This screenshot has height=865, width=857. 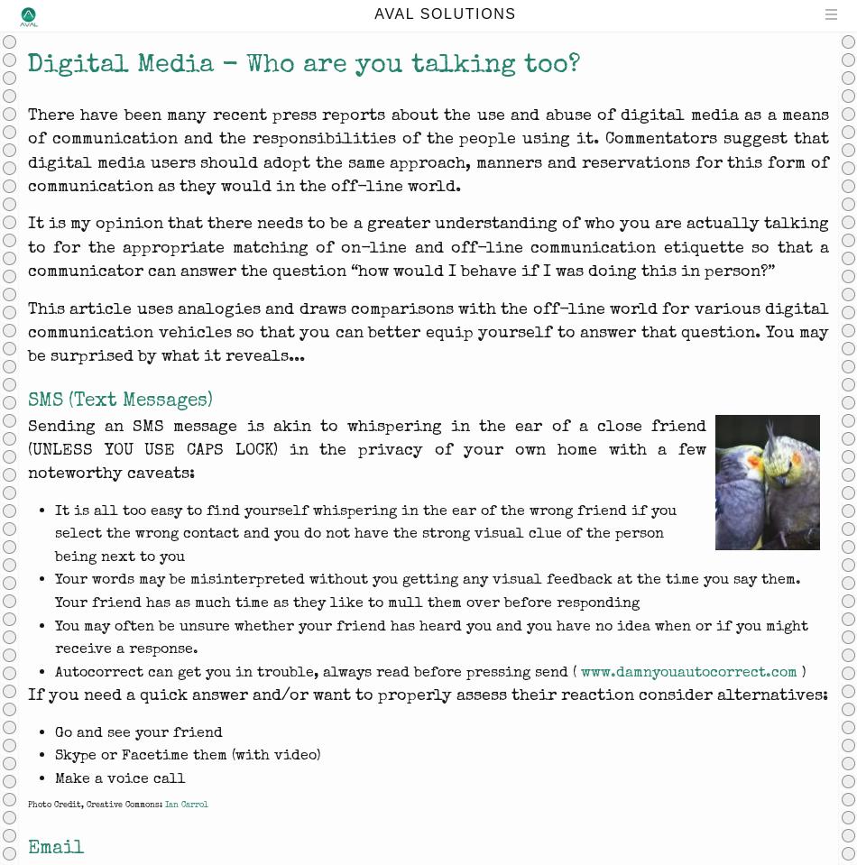 What do you see at coordinates (445, 13) in the screenshot?
I see `'Aval Solutions'` at bounding box center [445, 13].